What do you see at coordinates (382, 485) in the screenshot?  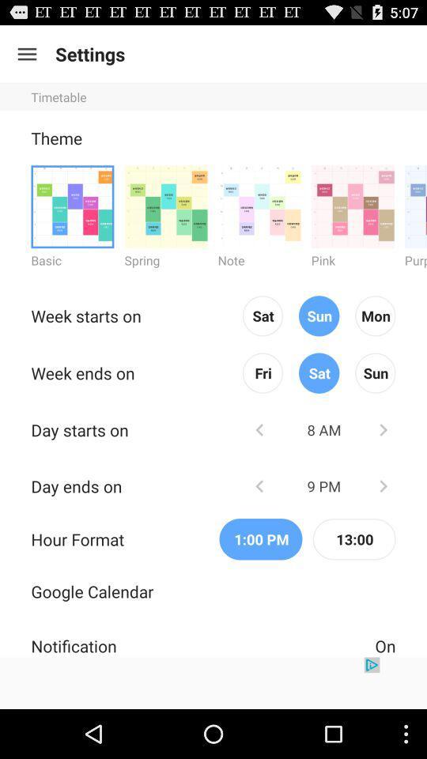 I see `increase hour` at bounding box center [382, 485].